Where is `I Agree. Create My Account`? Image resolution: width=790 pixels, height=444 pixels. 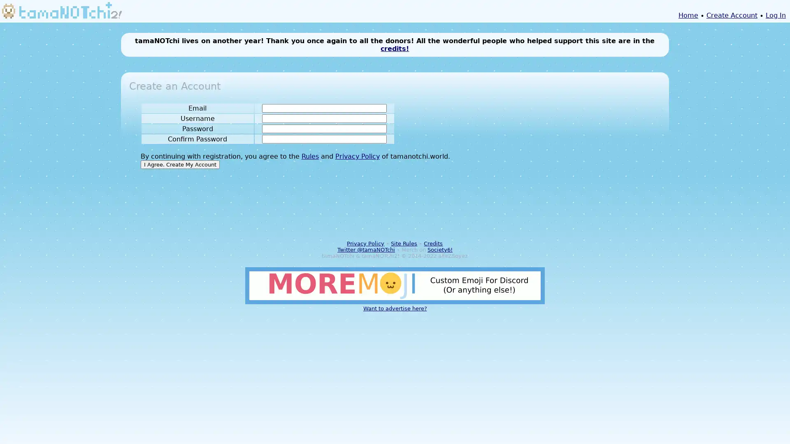
I Agree. Create My Account is located at coordinates (179, 164).